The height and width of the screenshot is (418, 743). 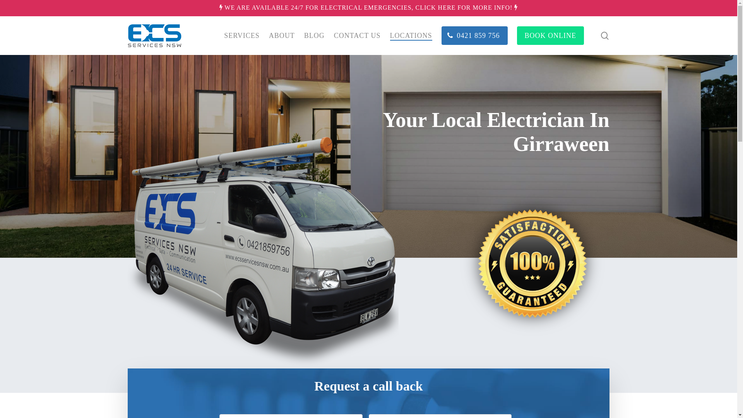 What do you see at coordinates (442, 36) in the screenshot?
I see `'0421 859 756'` at bounding box center [442, 36].